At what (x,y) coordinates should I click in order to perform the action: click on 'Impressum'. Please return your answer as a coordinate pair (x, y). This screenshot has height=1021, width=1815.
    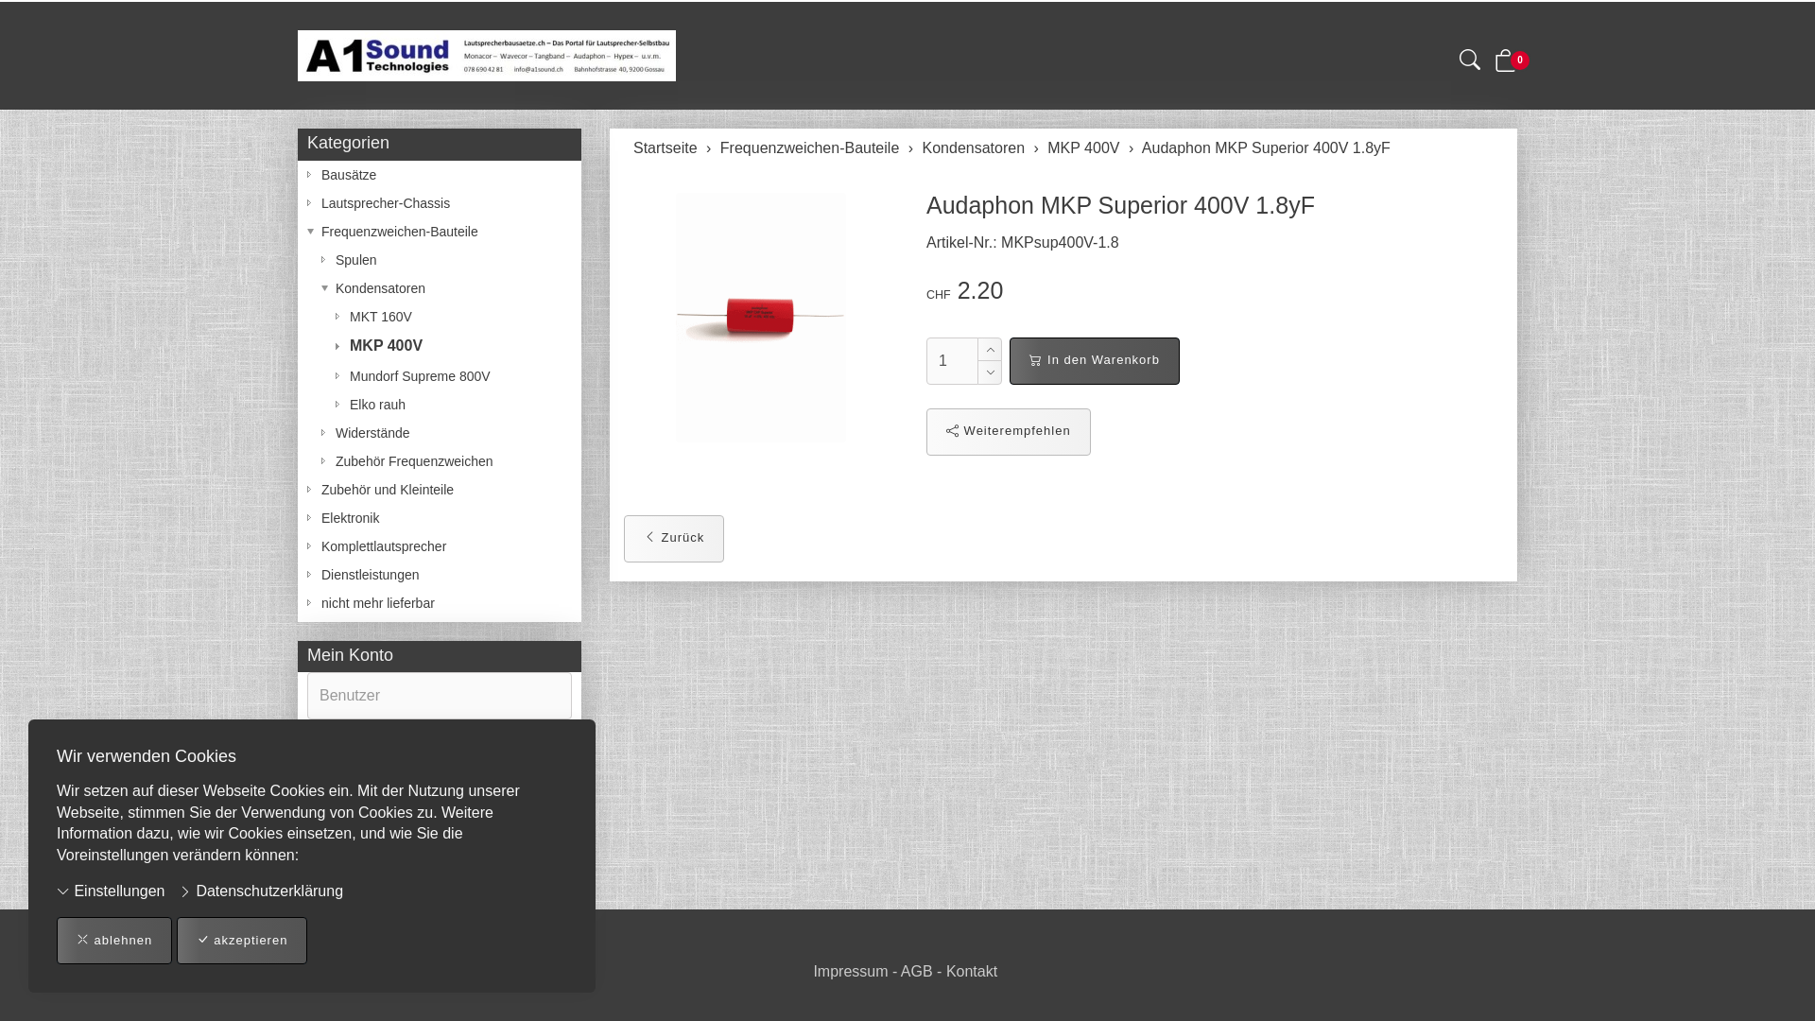
    Looking at the image, I should click on (849, 971).